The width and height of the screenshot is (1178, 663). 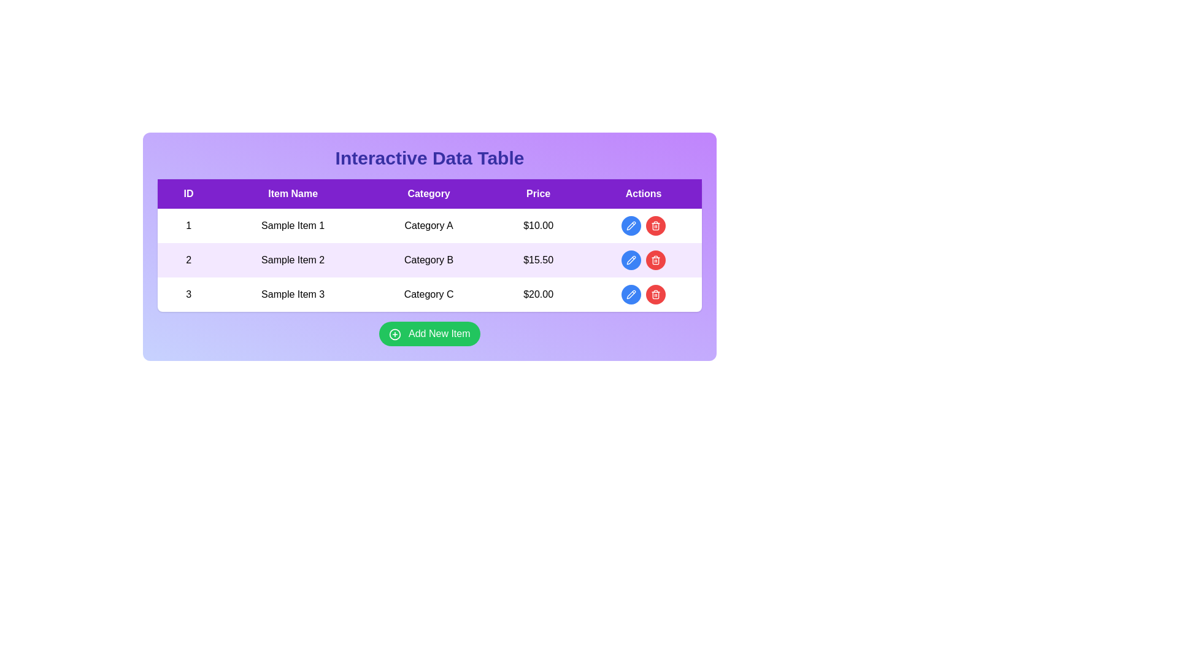 I want to click on the pencil icon button for editing located in the 'Actions' column of the last row of the table, so click(x=631, y=293).